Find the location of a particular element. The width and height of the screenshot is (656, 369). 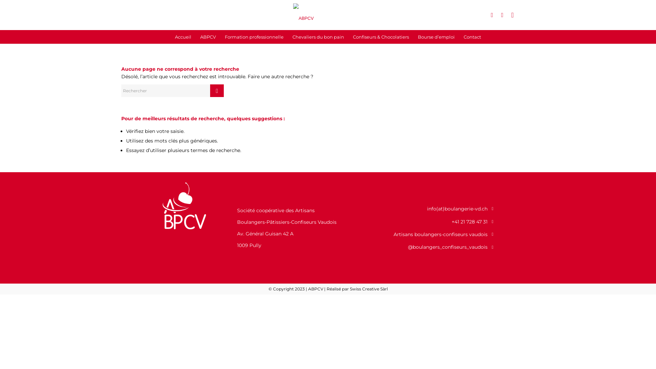

'Chevaliers du bon pain' is located at coordinates (288, 37).